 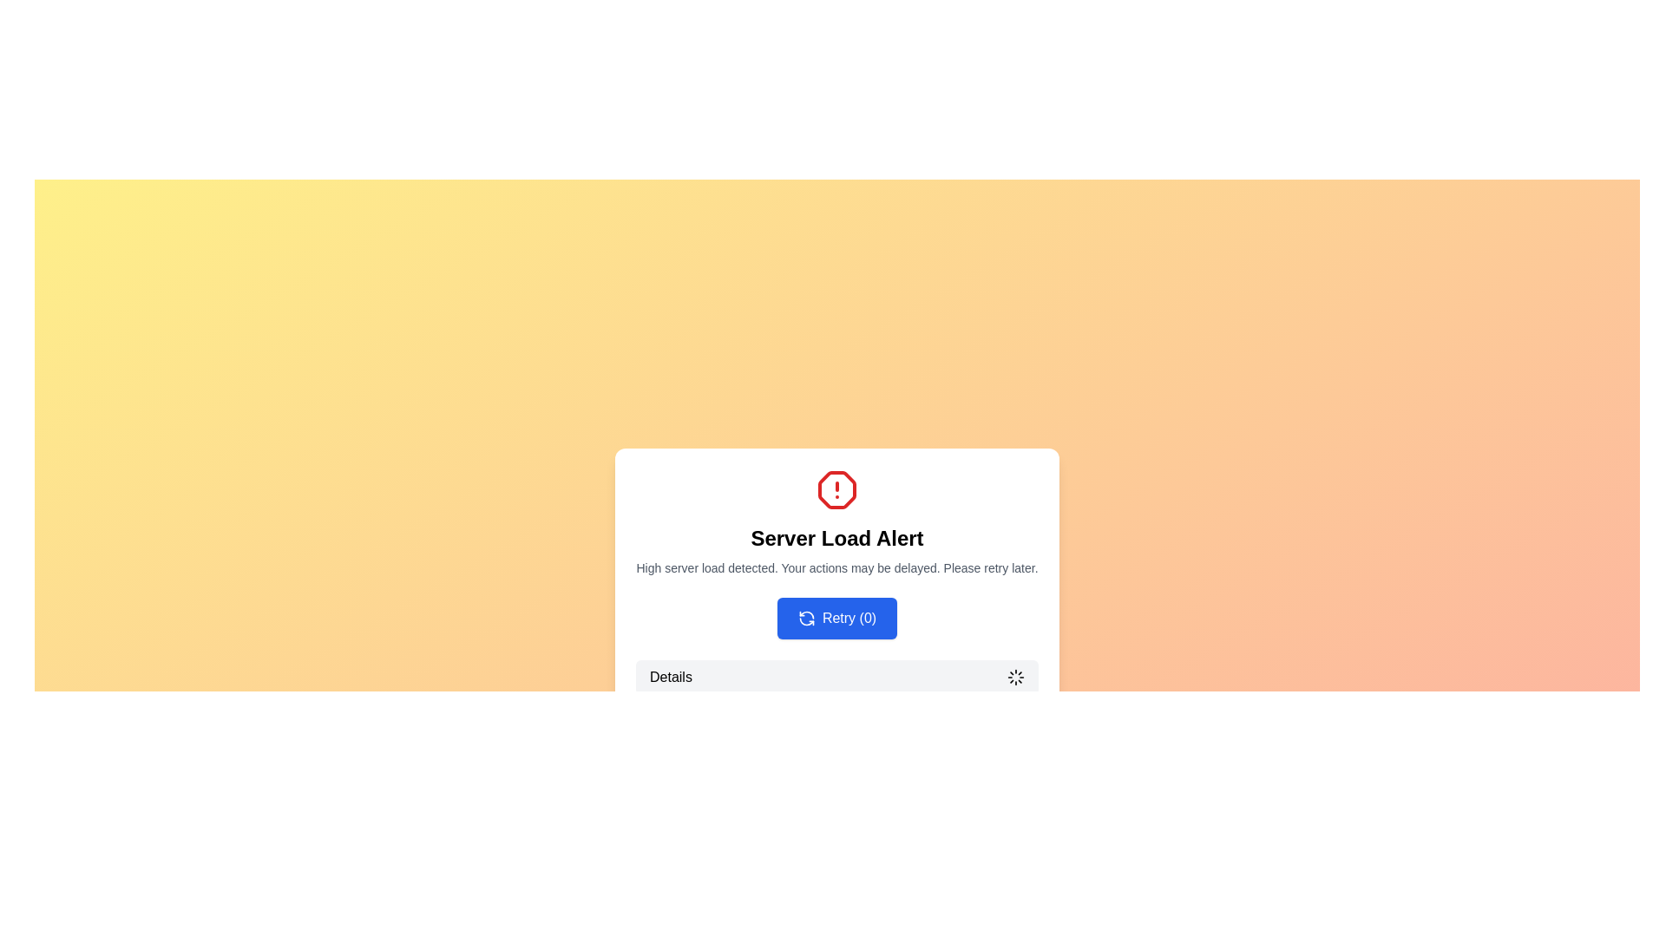 I want to click on the blue button labeled 'Retry (0)' with a refresh icon on the left, located under the 'Server Load Alert' heading, to retry the action, so click(x=836, y=618).